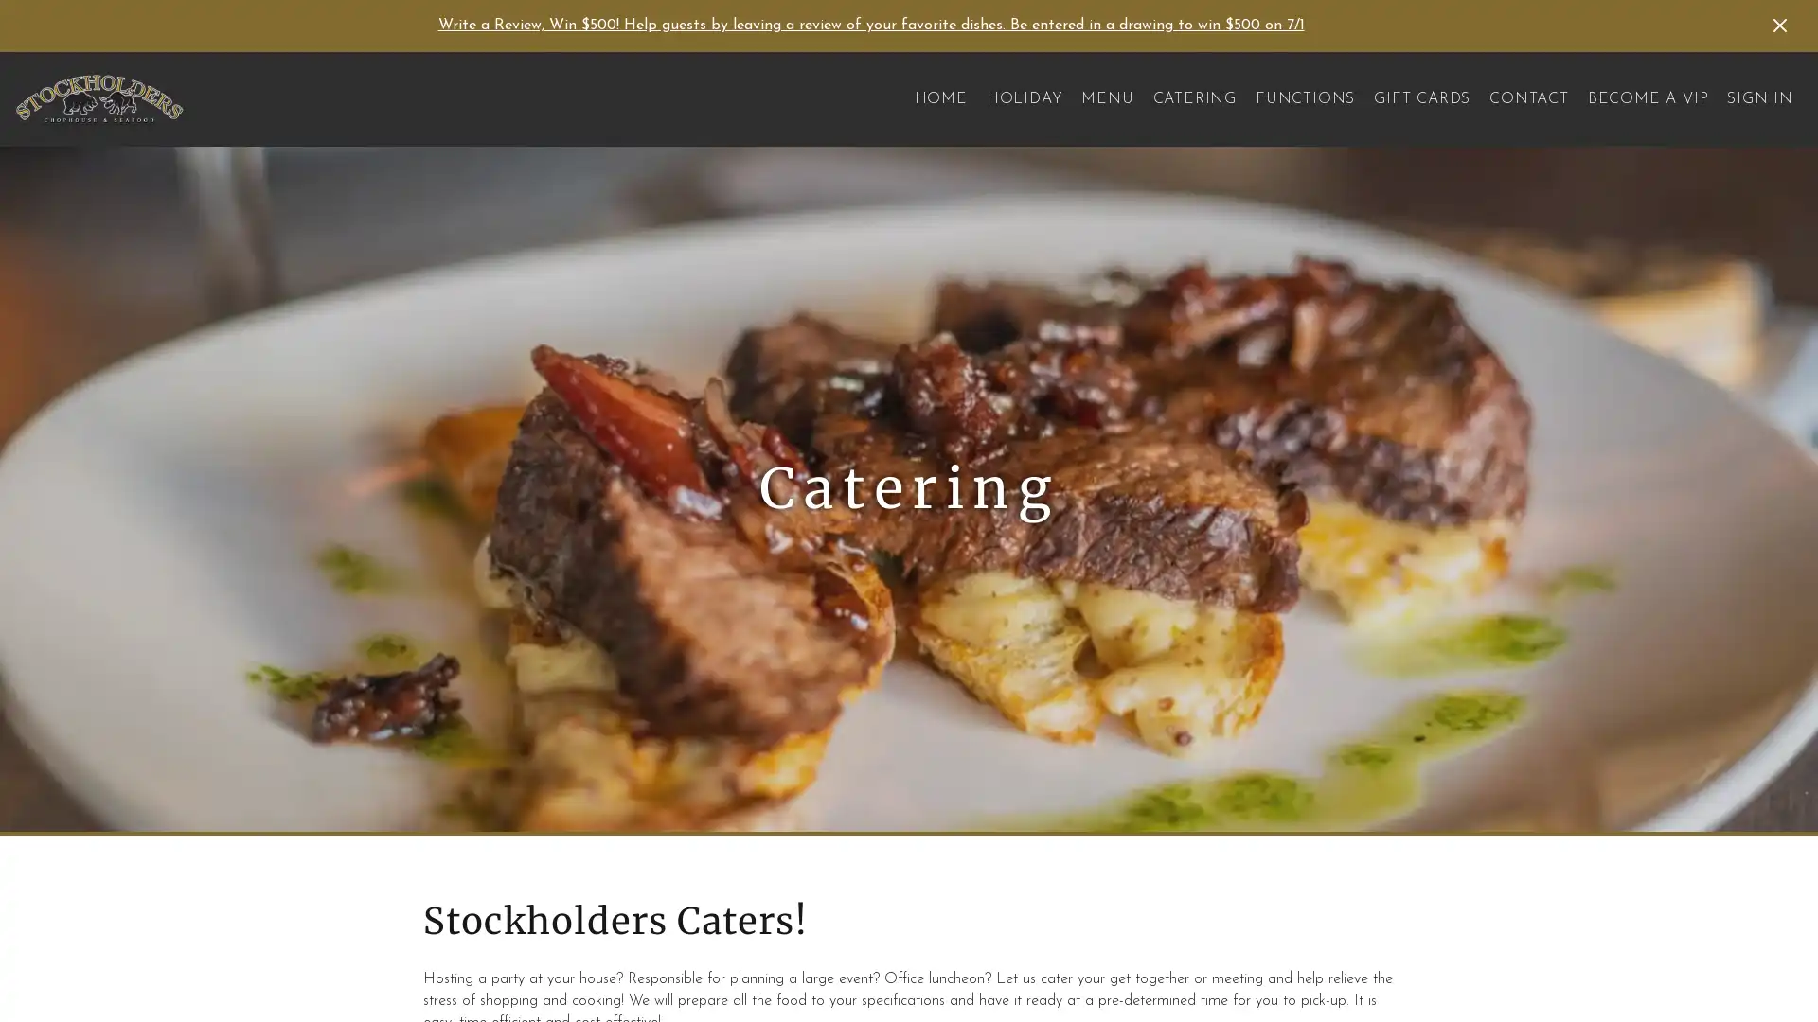 Image resolution: width=1818 pixels, height=1022 pixels. Describe the element at coordinates (1779, 26) in the screenshot. I see `Dismiss Announcement` at that location.